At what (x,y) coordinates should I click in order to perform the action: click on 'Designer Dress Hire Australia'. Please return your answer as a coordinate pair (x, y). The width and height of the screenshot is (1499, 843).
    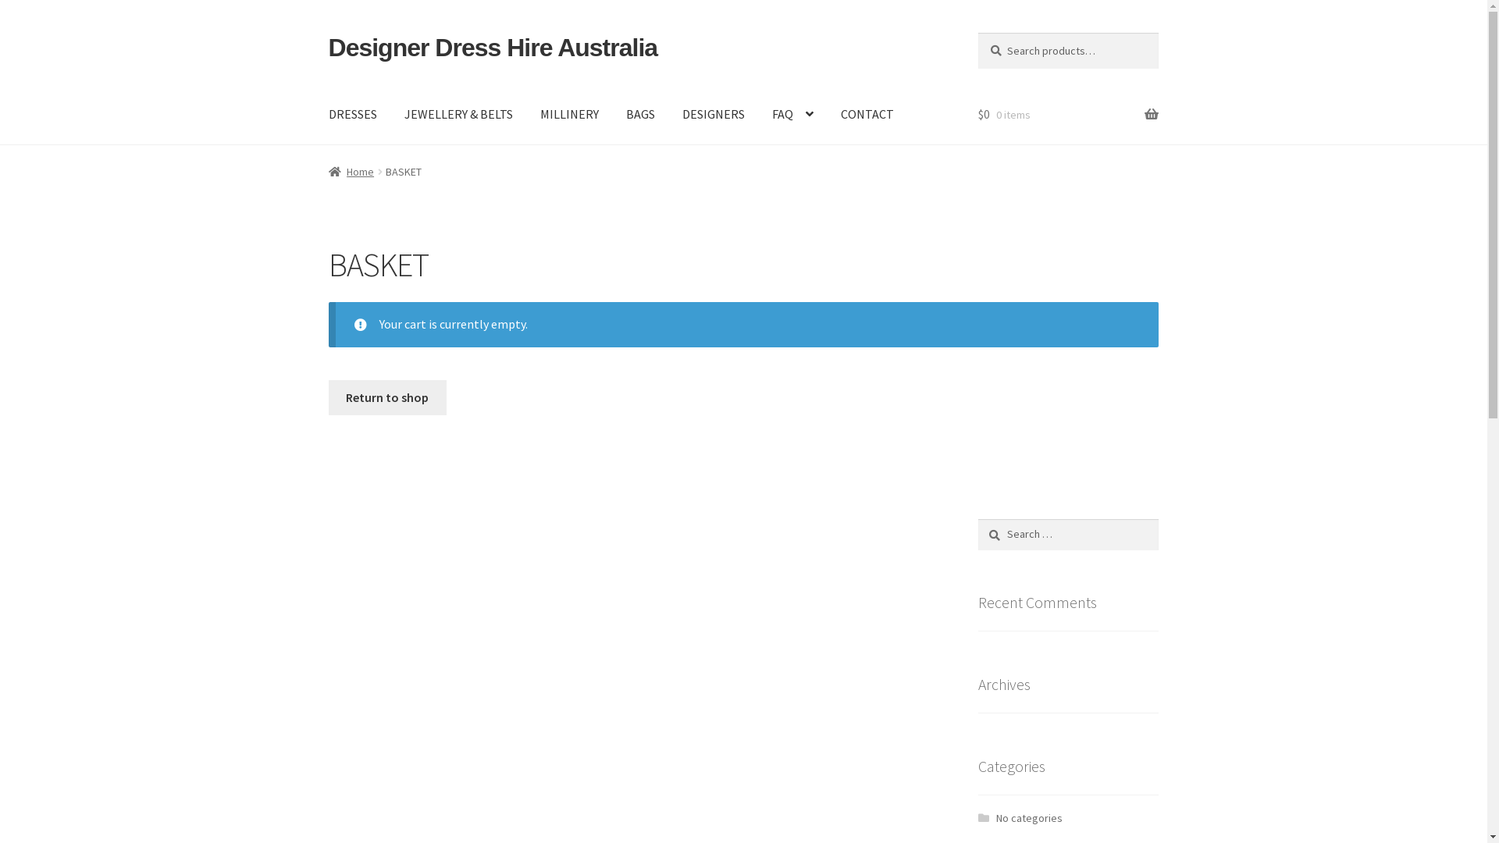
    Looking at the image, I should click on (493, 47).